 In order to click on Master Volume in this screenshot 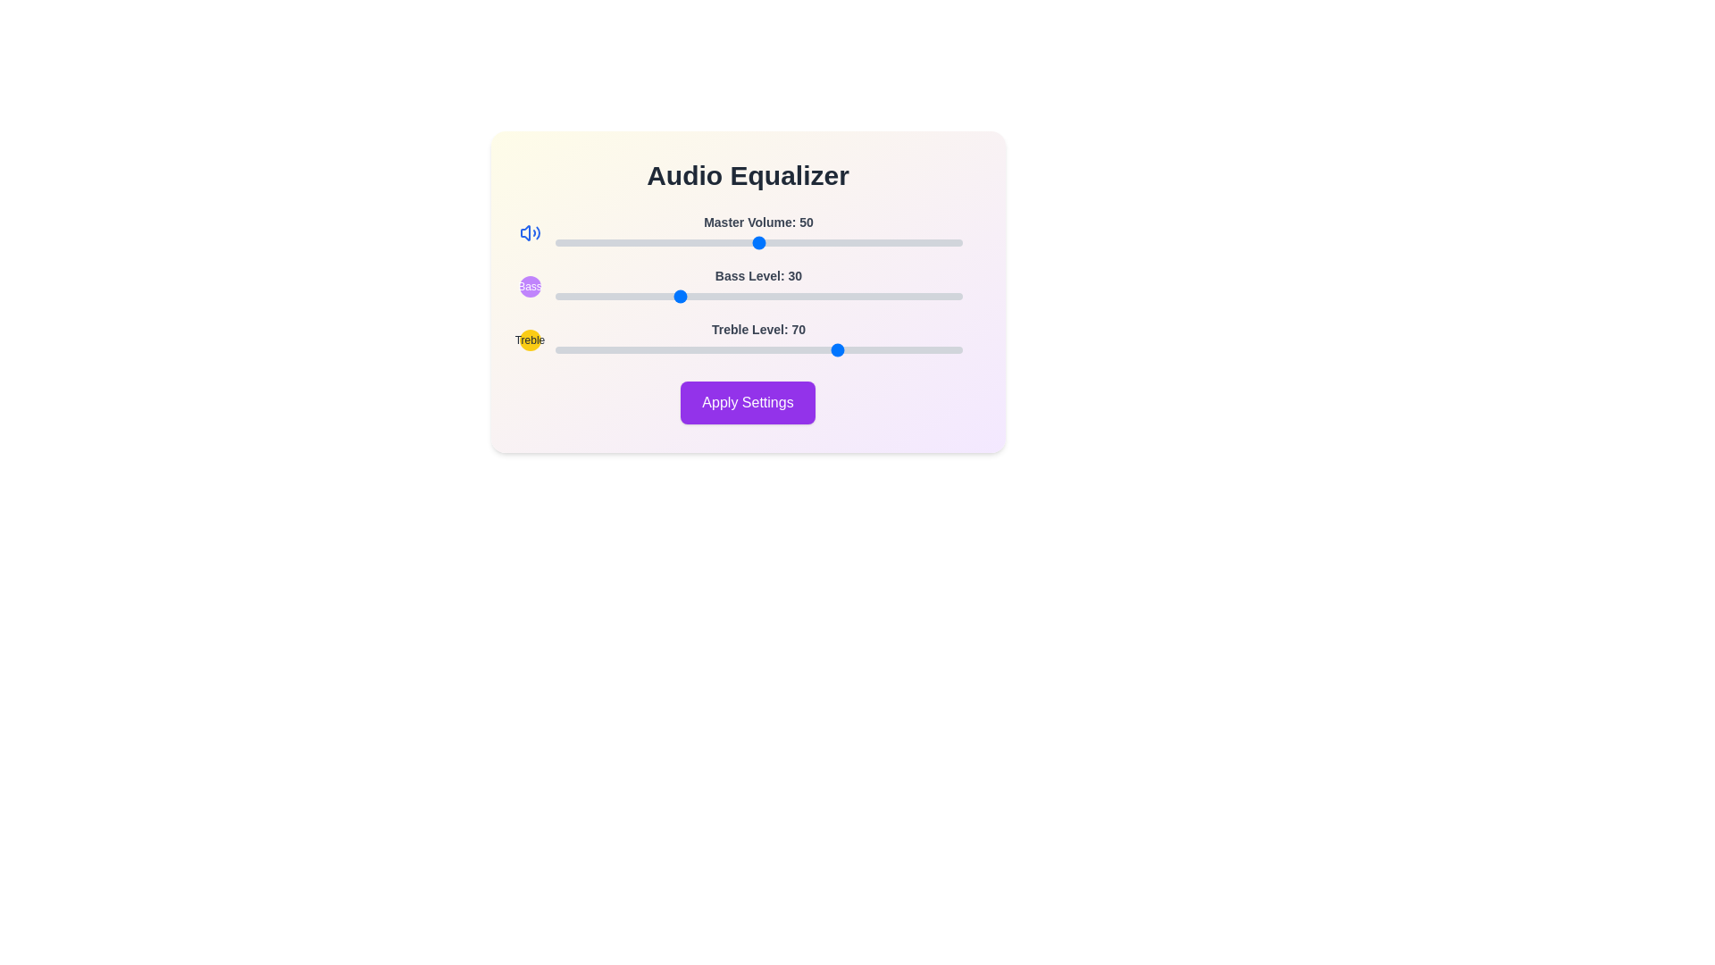, I will do `click(802, 243)`.